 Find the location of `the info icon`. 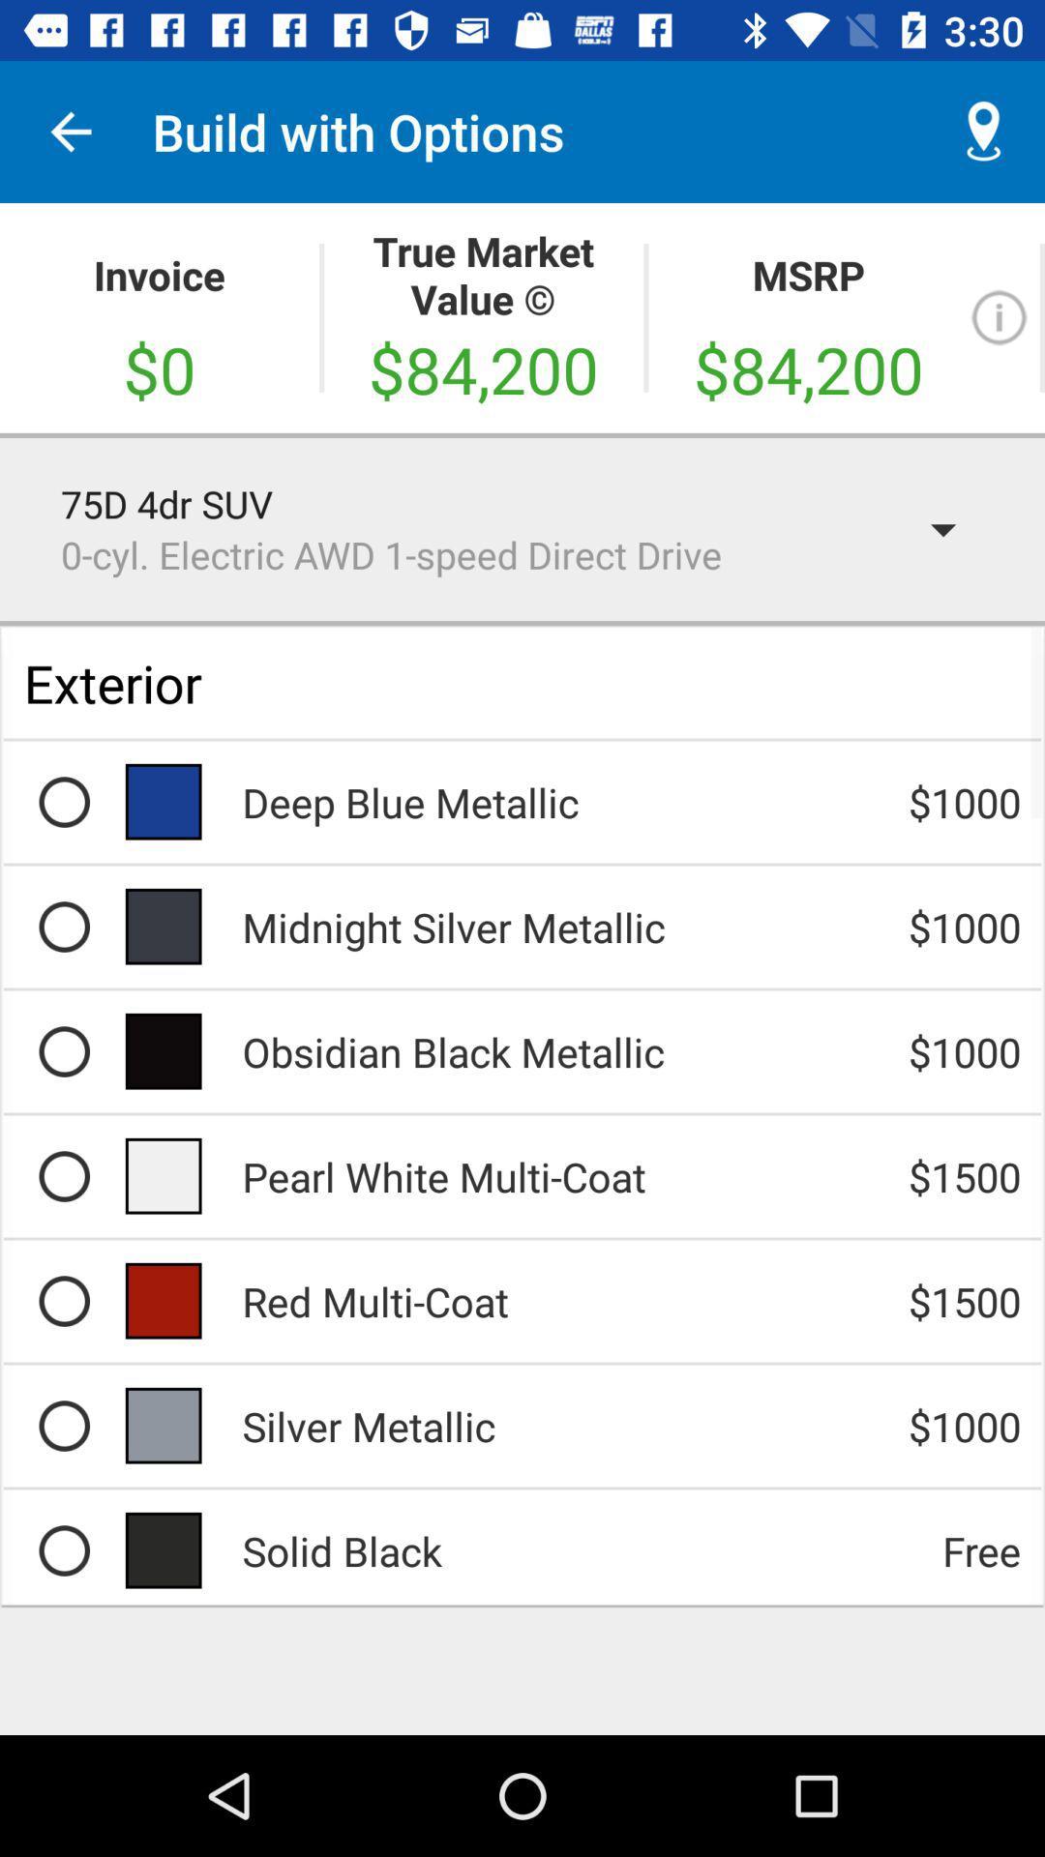

the info icon is located at coordinates (999, 317).